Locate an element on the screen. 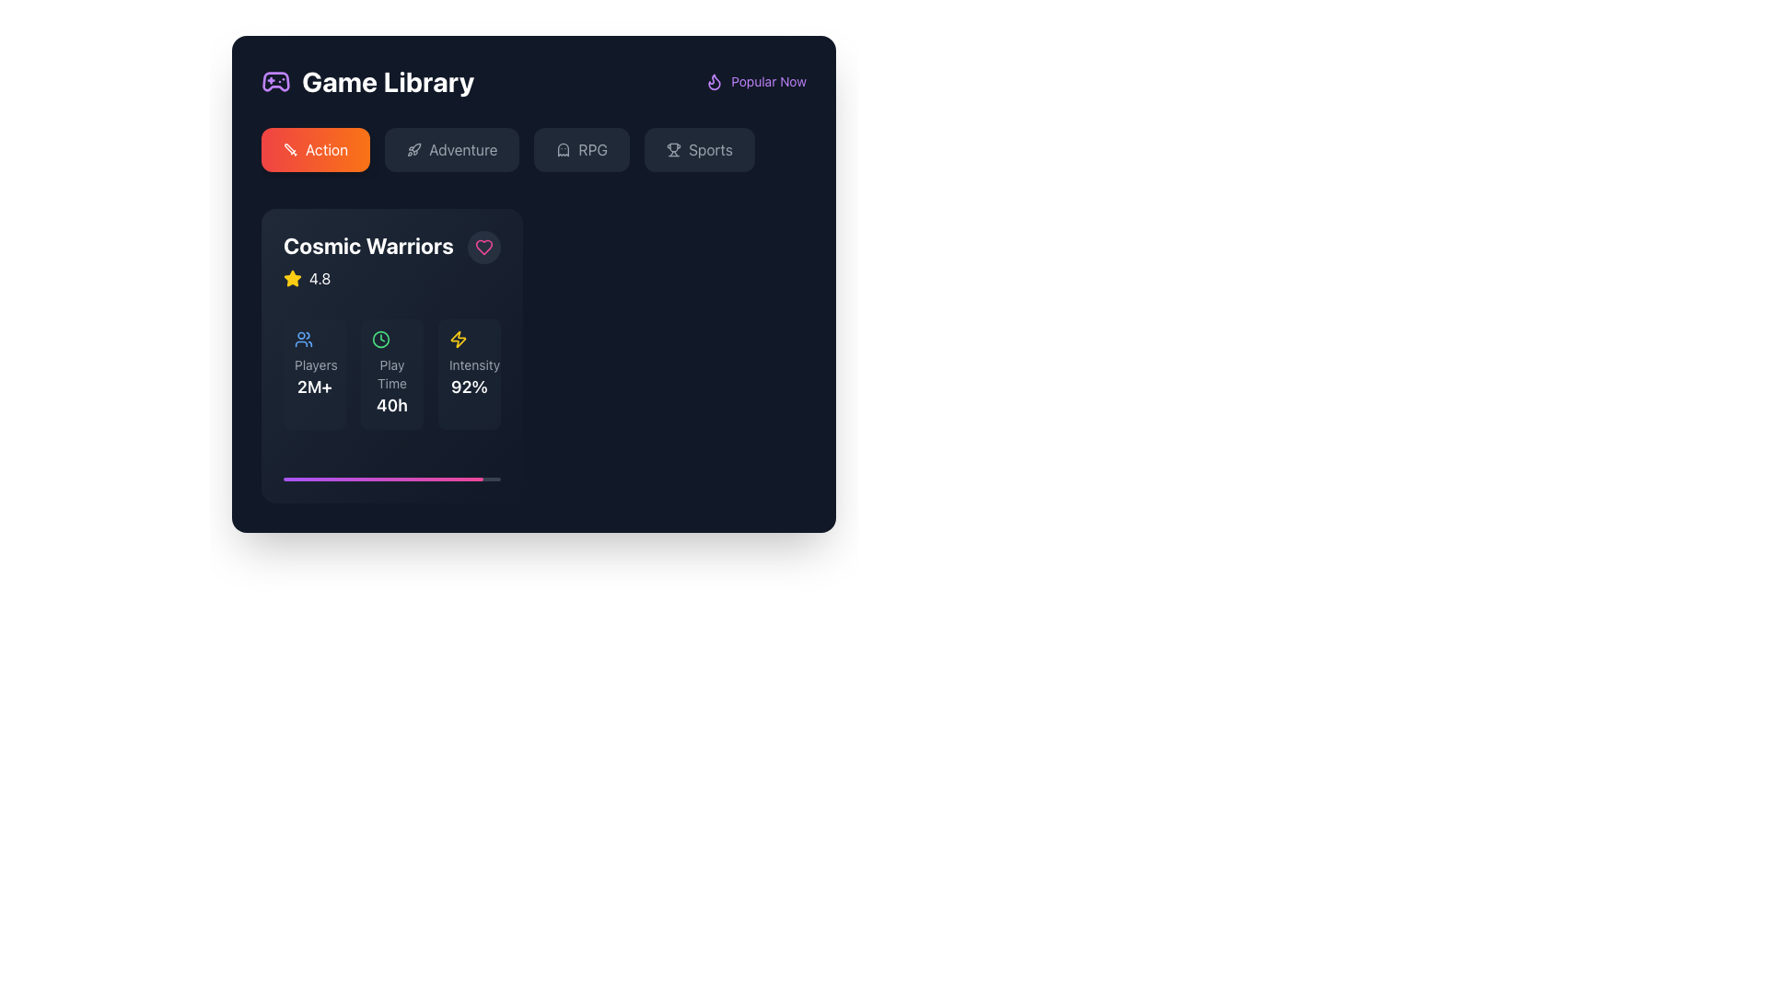 The width and height of the screenshot is (1768, 994). the static text label displaying '2M+' which is prominently shown in a bold white font, indicating a significant number of players, located beneath the title 'Cosmic Warriors' is located at coordinates (314, 386).